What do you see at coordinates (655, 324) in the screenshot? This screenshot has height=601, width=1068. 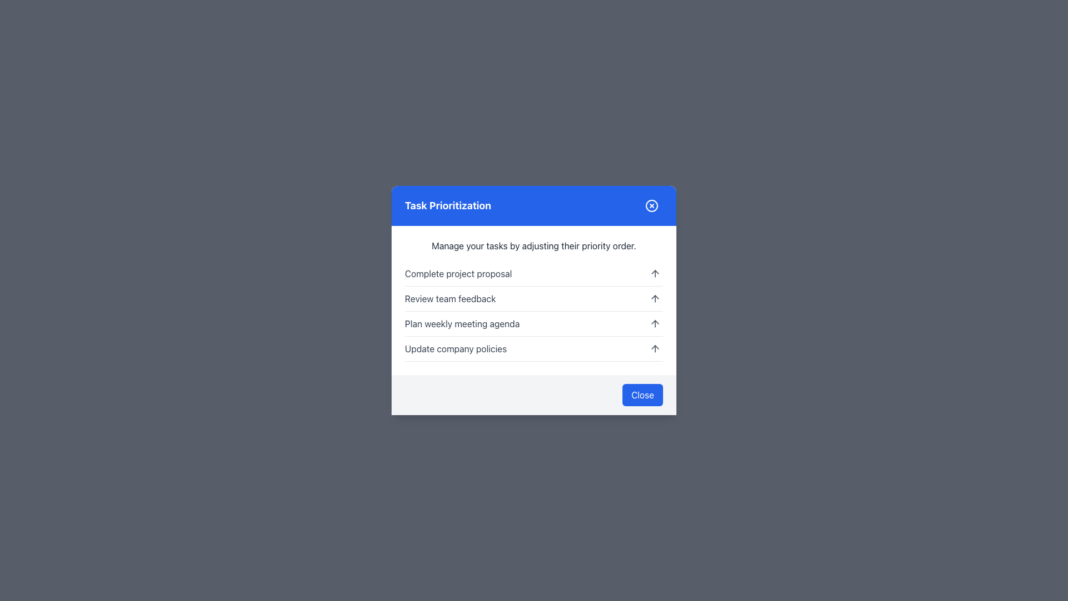 I see `the icon button with an upward arrow` at bounding box center [655, 324].